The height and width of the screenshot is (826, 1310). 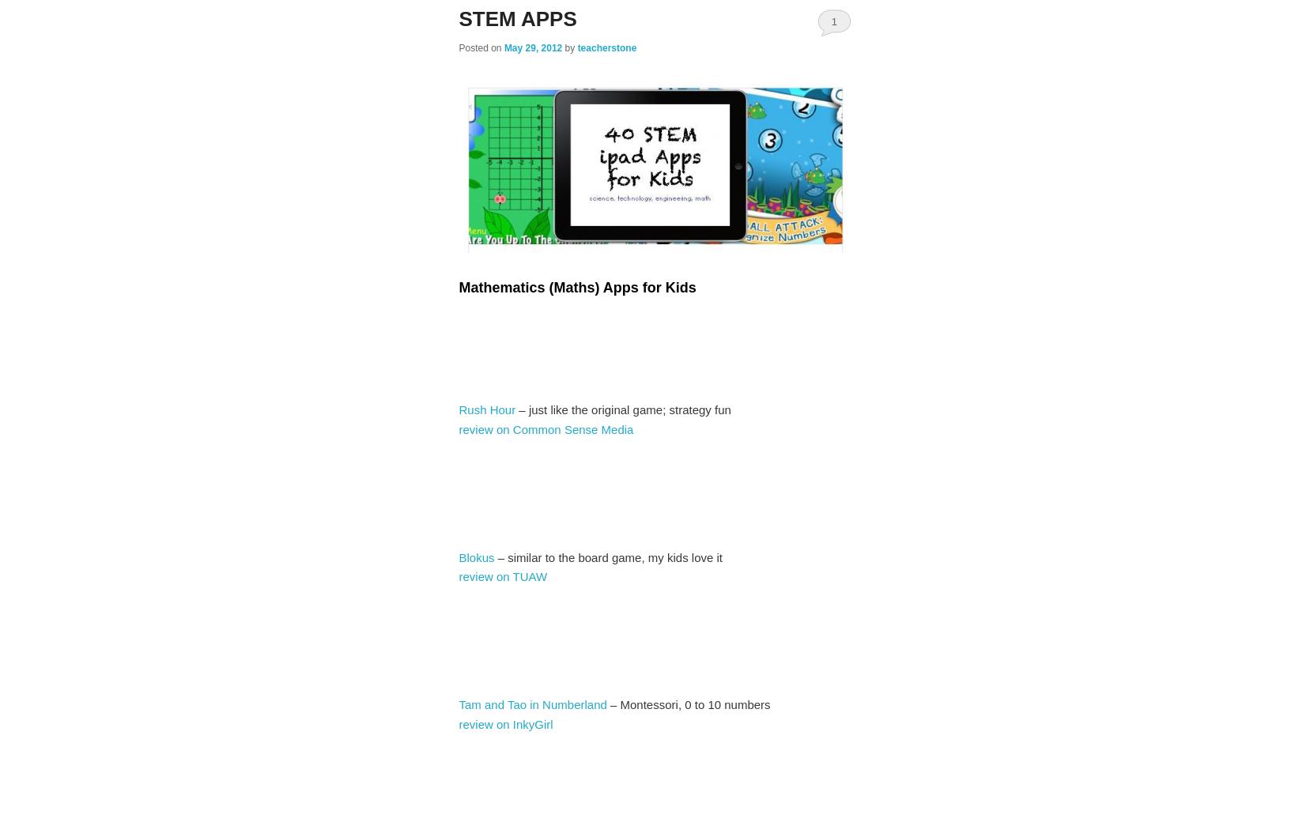 I want to click on '– just like the original game; strategy fun', so click(x=622, y=409).